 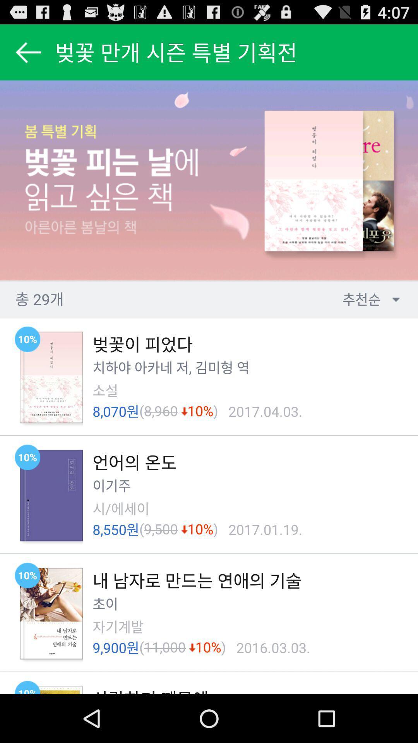 I want to click on the icon to the left of ,  icon, so click(x=181, y=367).